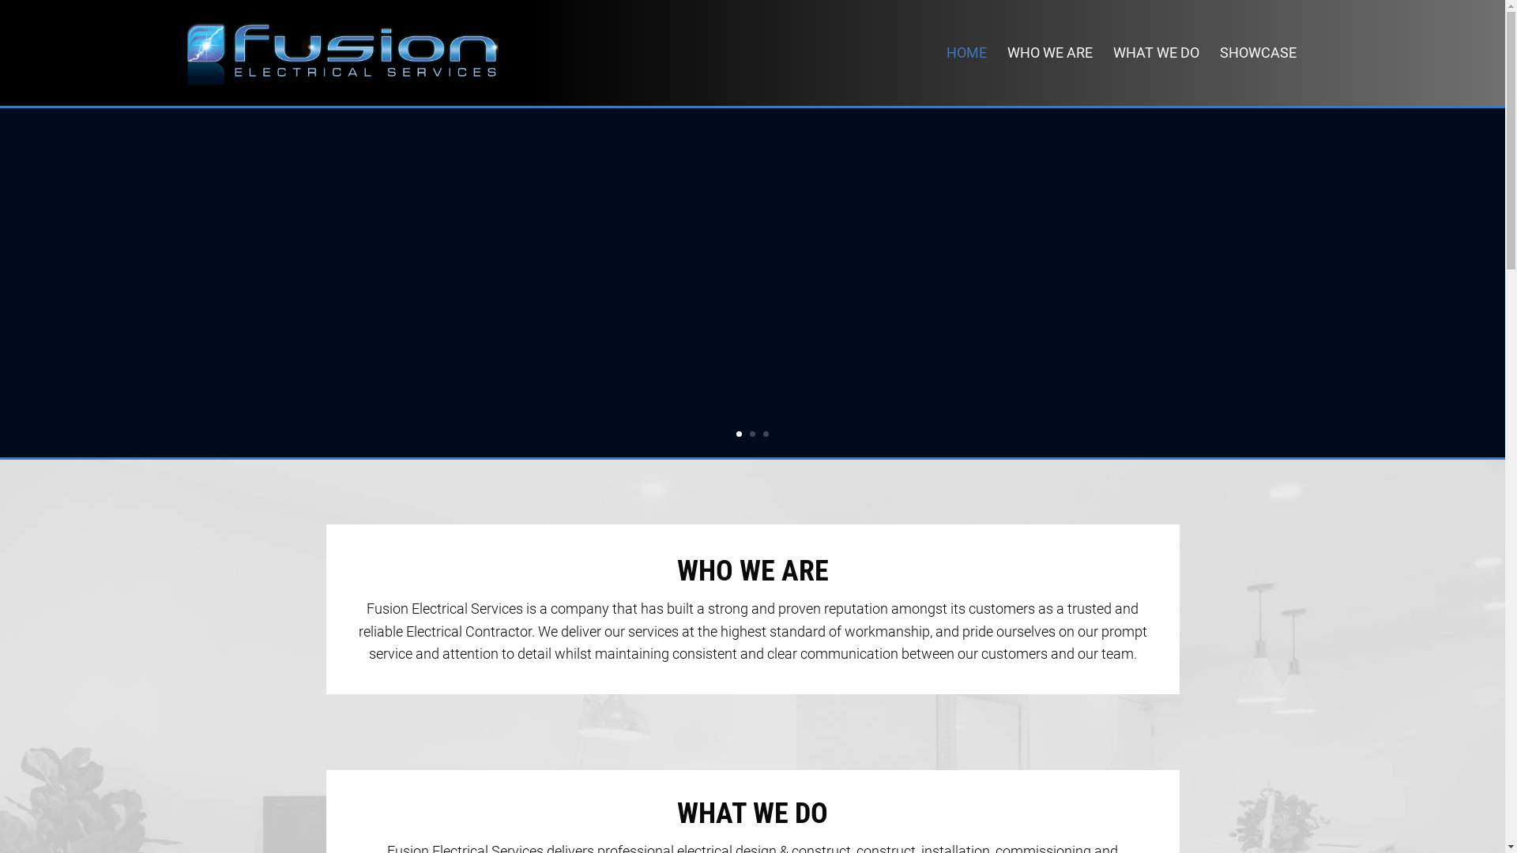  What do you see at coordinates (1155, 76) in the screenshot?
I see `'WHAT WE DO'` at bounding box center [1155, 76].